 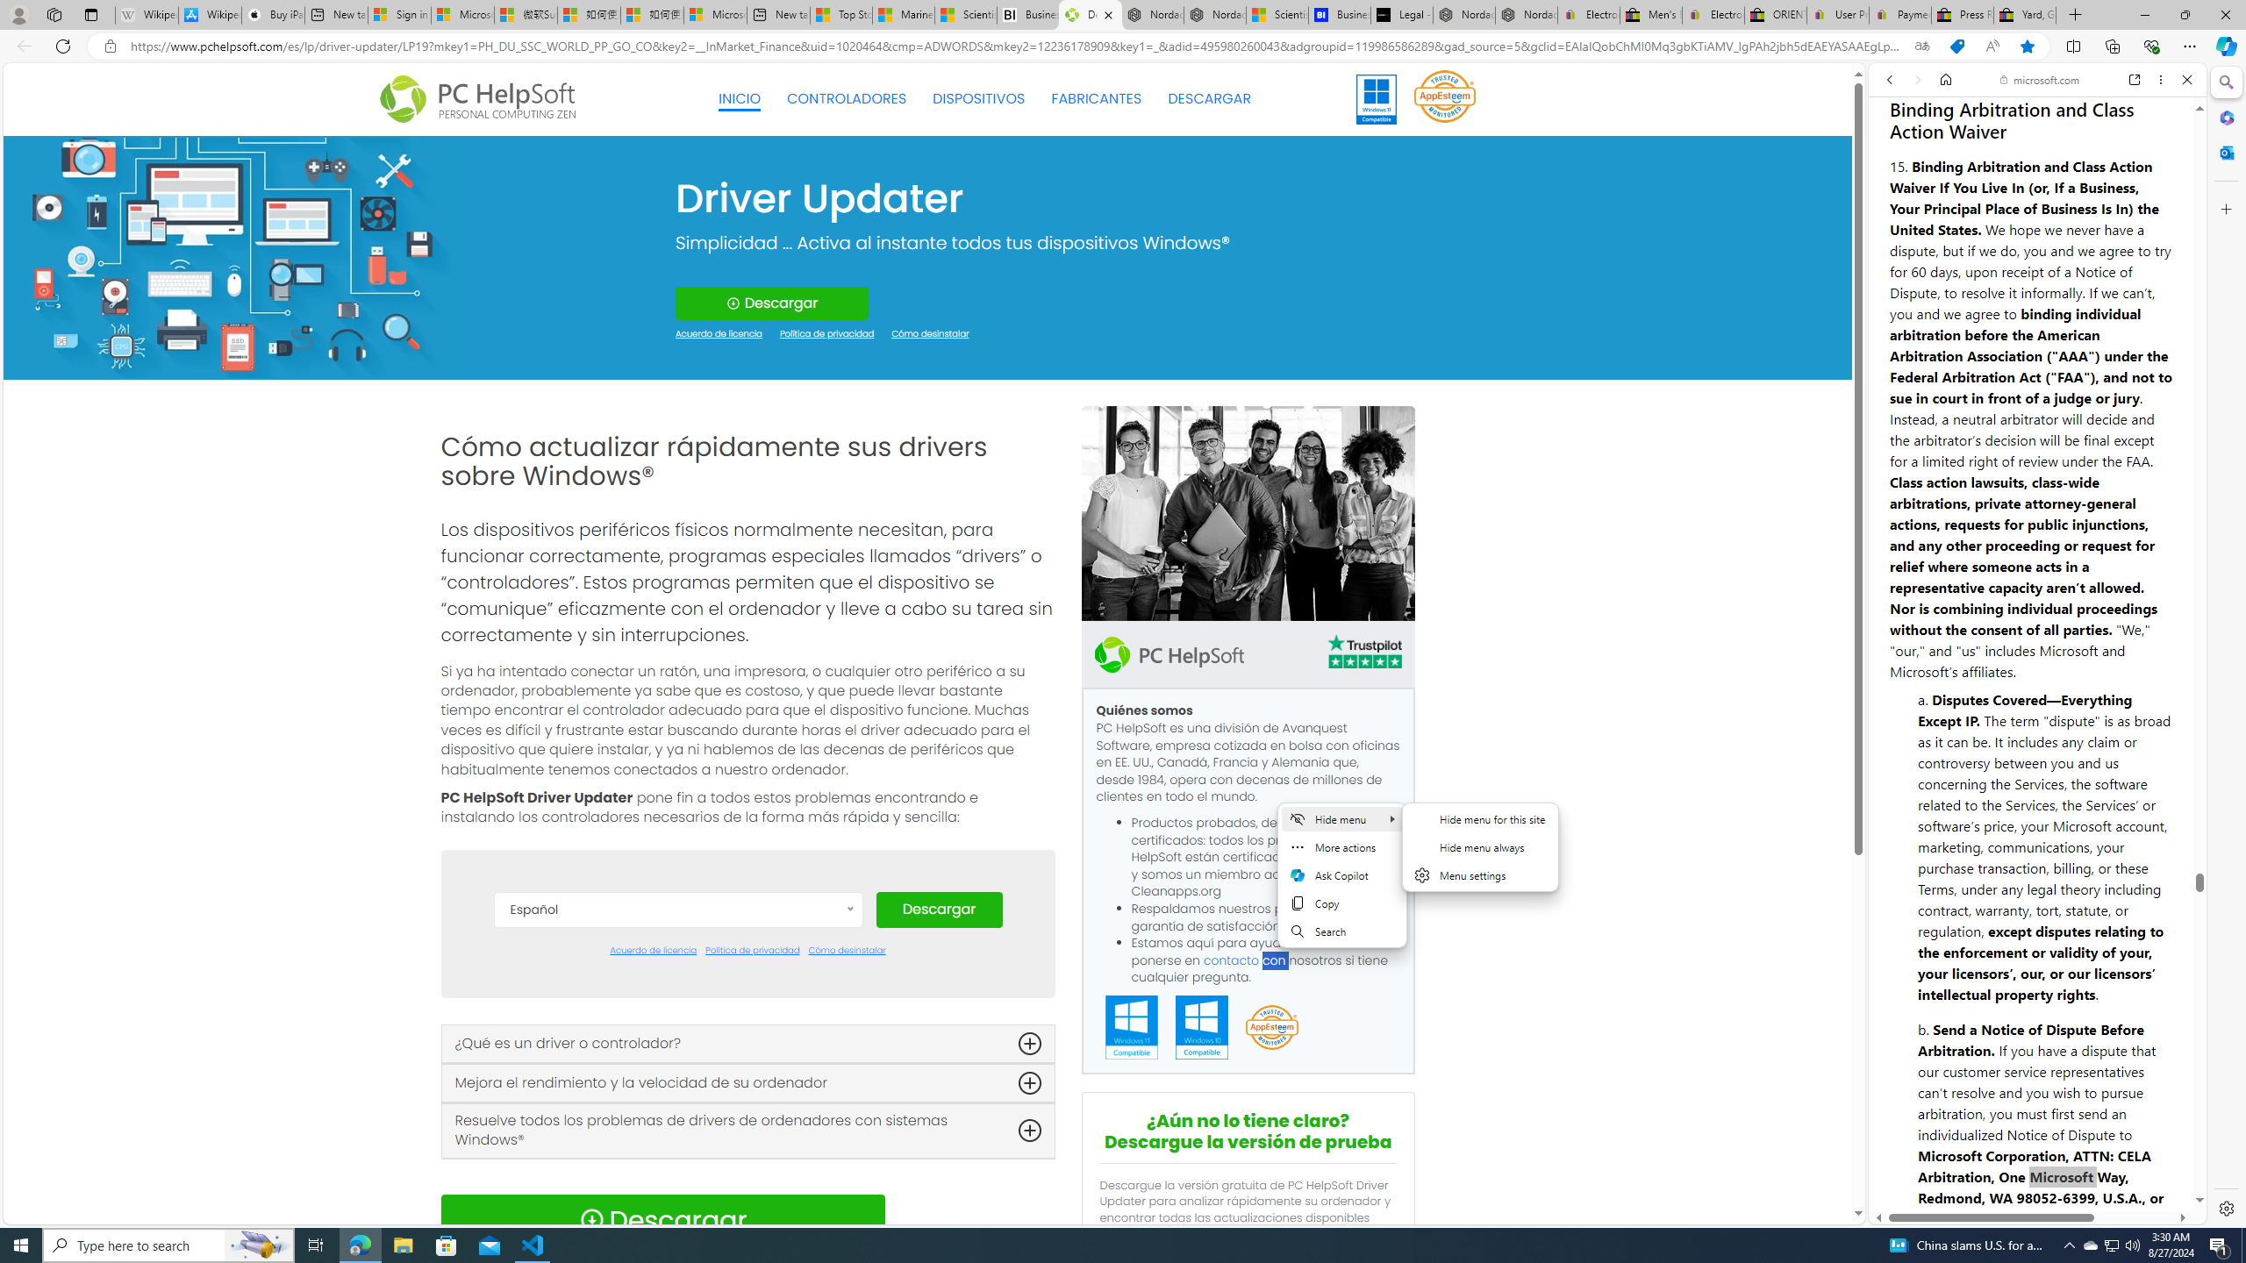 What do you see at coordinates (2042, 80) in the screenshot?
I see `'microsoft.com'` at bounding box center [2042, 80].